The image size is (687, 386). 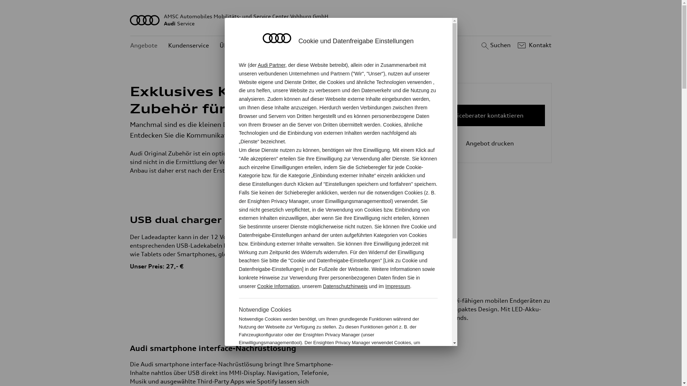 What do you see at coordinates (533, 45) in the screenshot?
I see `'Kontakt'` at bounding box center [533, 45].